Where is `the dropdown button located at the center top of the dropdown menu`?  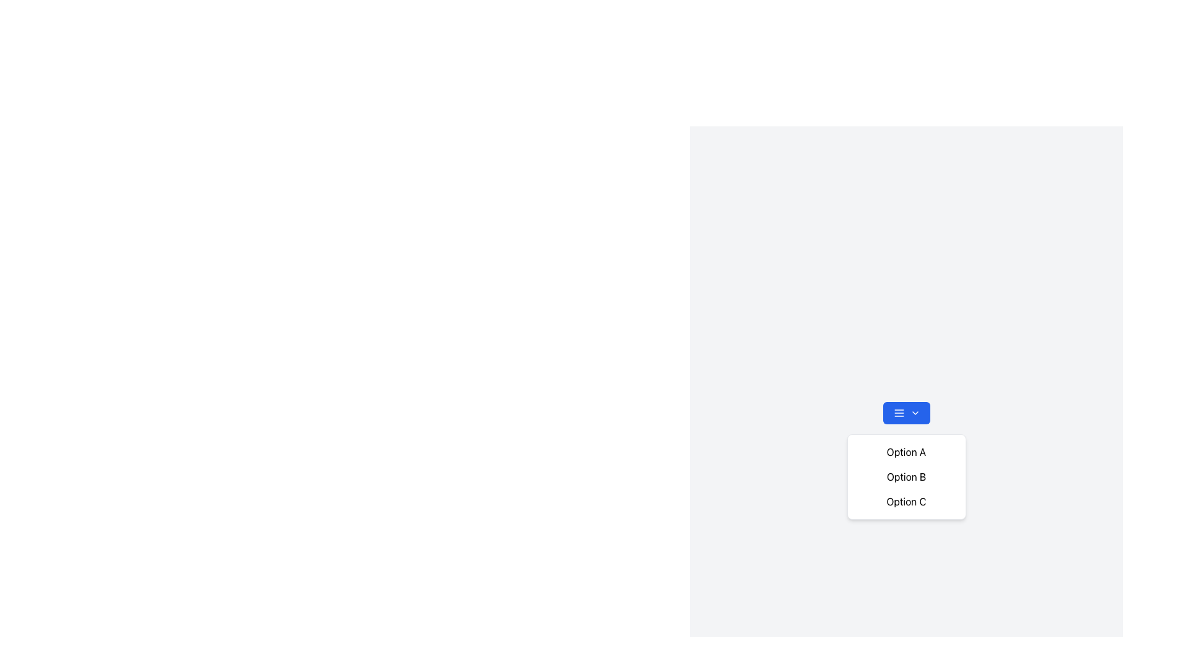
the dropdown button located at the center top of the dropdown menu is located at coordinates (906, 413).